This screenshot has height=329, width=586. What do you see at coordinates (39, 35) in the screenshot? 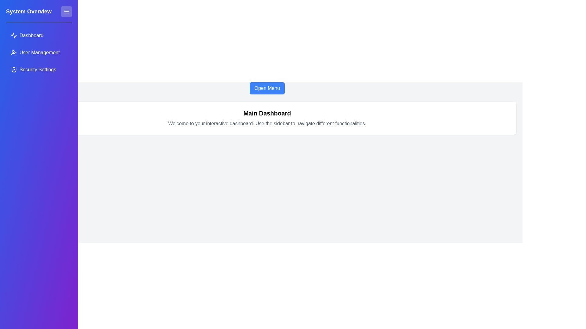
I see `the menu item labeled Dashboard to navigate to its section` at bounding box center [39, 35].